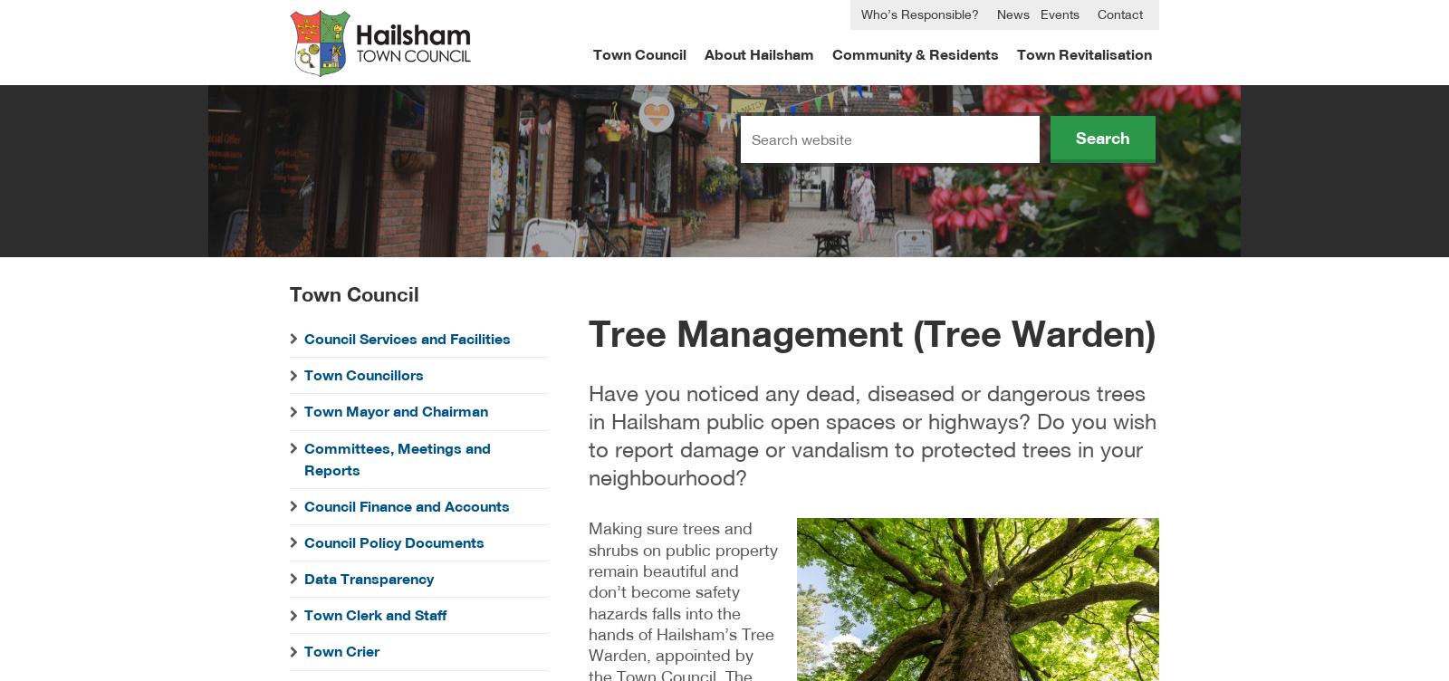 This screenshot has width=1449, height=681. I want to click on 'Data Transparency', so click(304, 579).